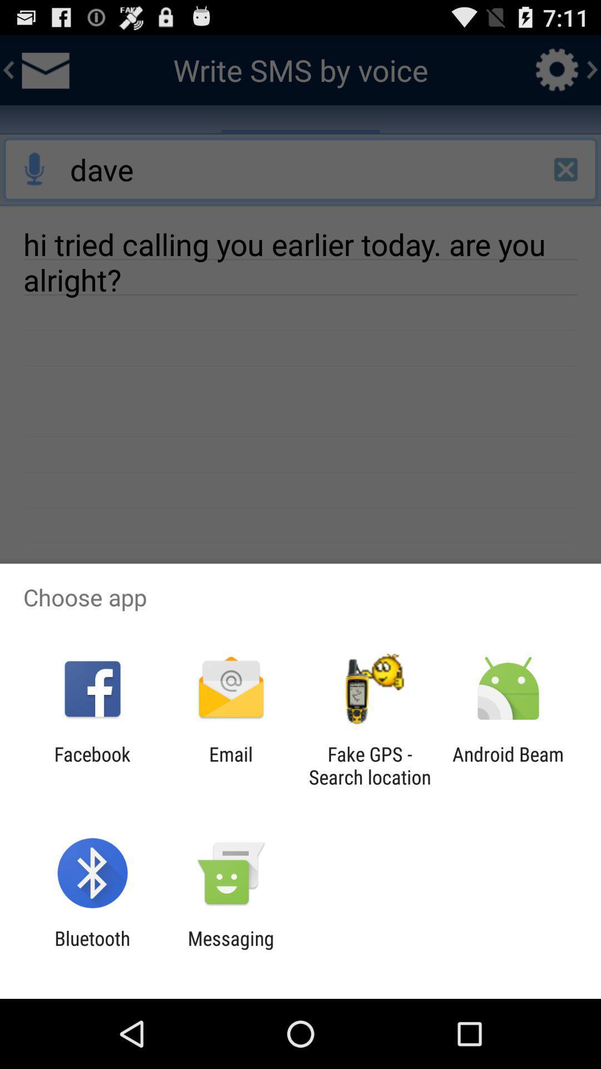 The width and height of the screenshot is (601, 1069). What do you see at coordinates (370, 765) in the screenshot?
I see `the app to the left of the android beam app` at bounding box center [370, 765].